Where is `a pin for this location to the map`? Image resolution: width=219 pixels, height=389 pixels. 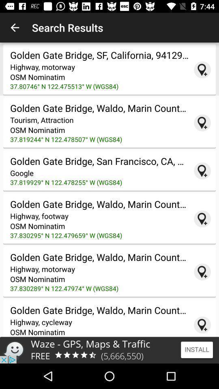 a pin for this location to the map is located at coordinates (202, 218).